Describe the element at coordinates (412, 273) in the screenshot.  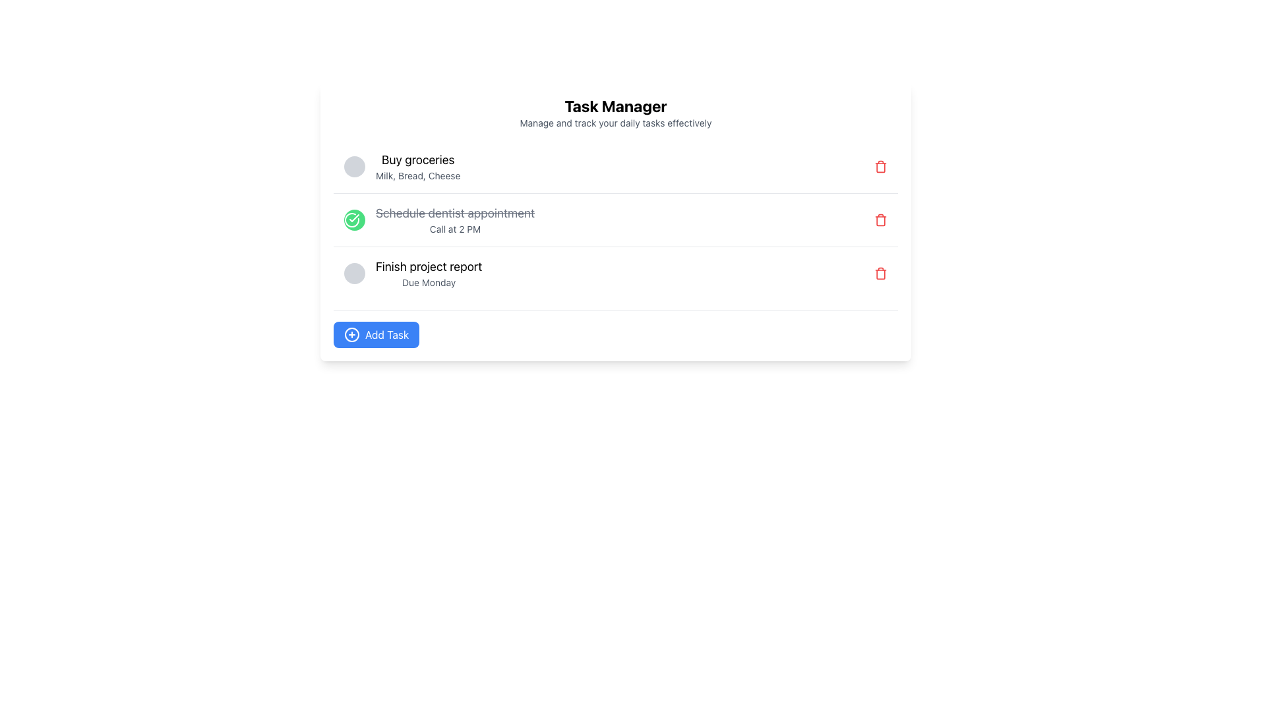
I see `the task list item displaying the title 'Finish project report' and due date 'Due Monday' in the task management interface` at that location.